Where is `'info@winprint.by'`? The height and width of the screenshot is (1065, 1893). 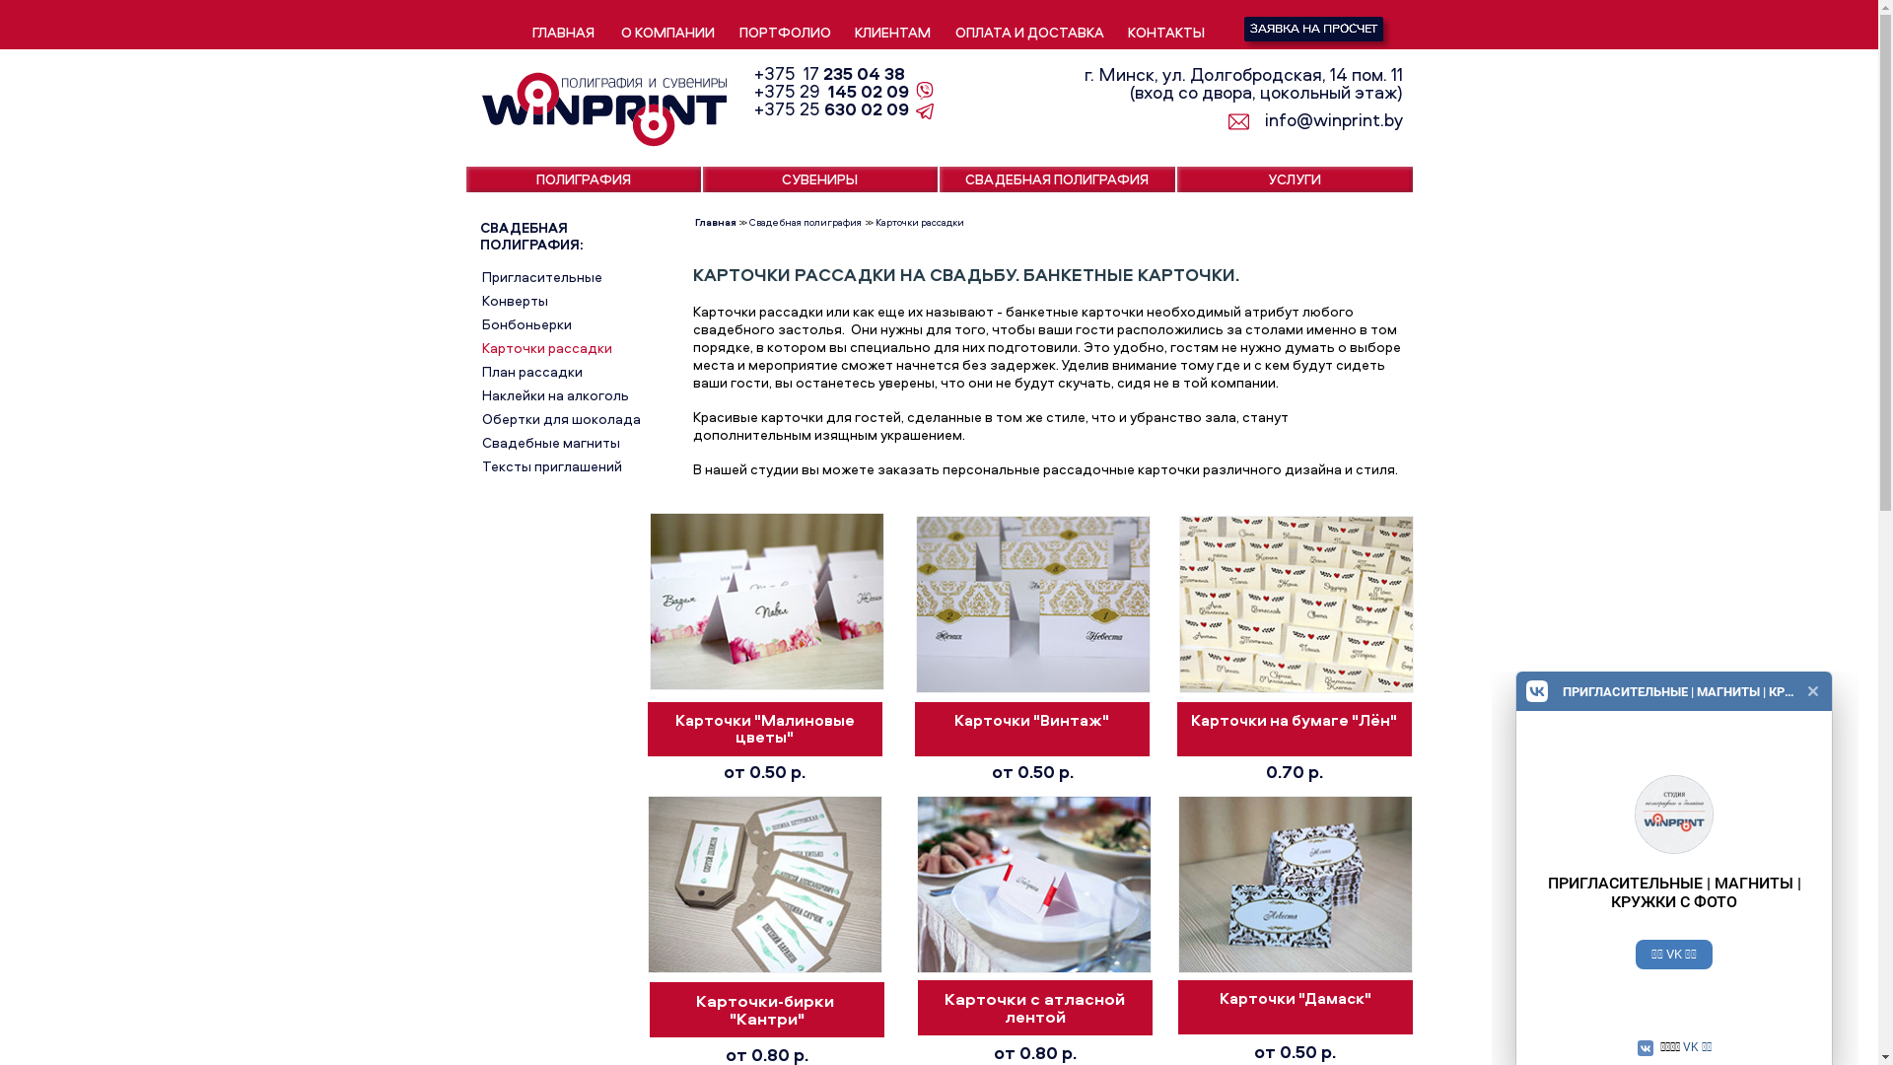
'info@winprint.by' is located at coordinates (1321, 120).